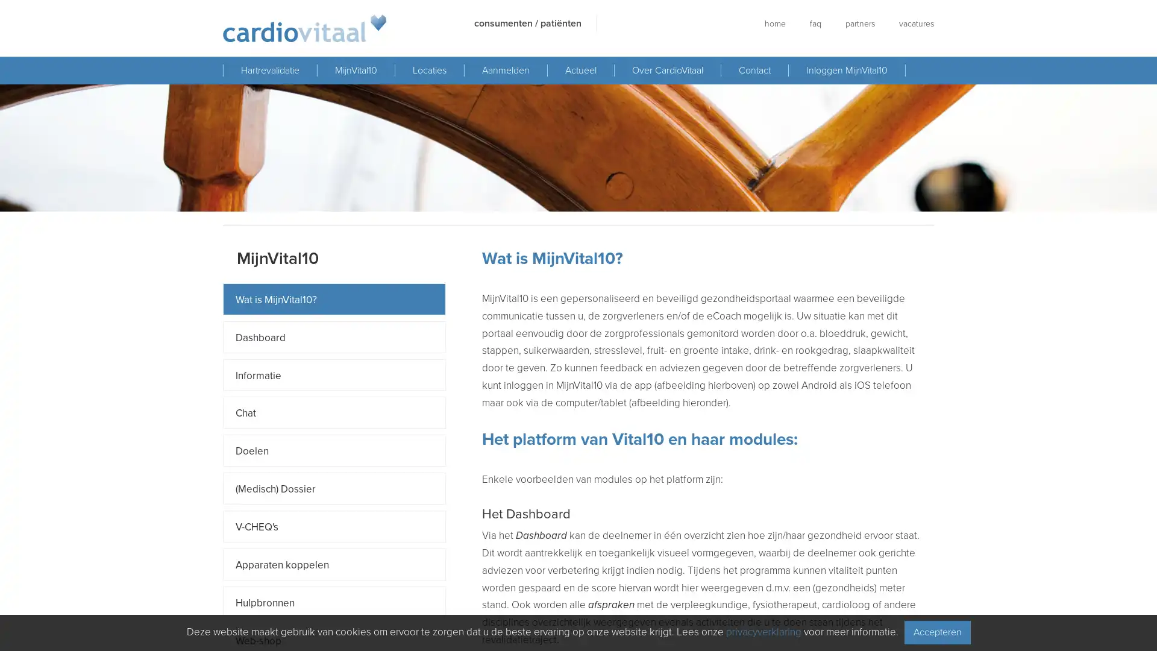  What do you see at coordinates (936, 632) in the screenshot?
I see `Accepteren` at bounding box center [936, 632].